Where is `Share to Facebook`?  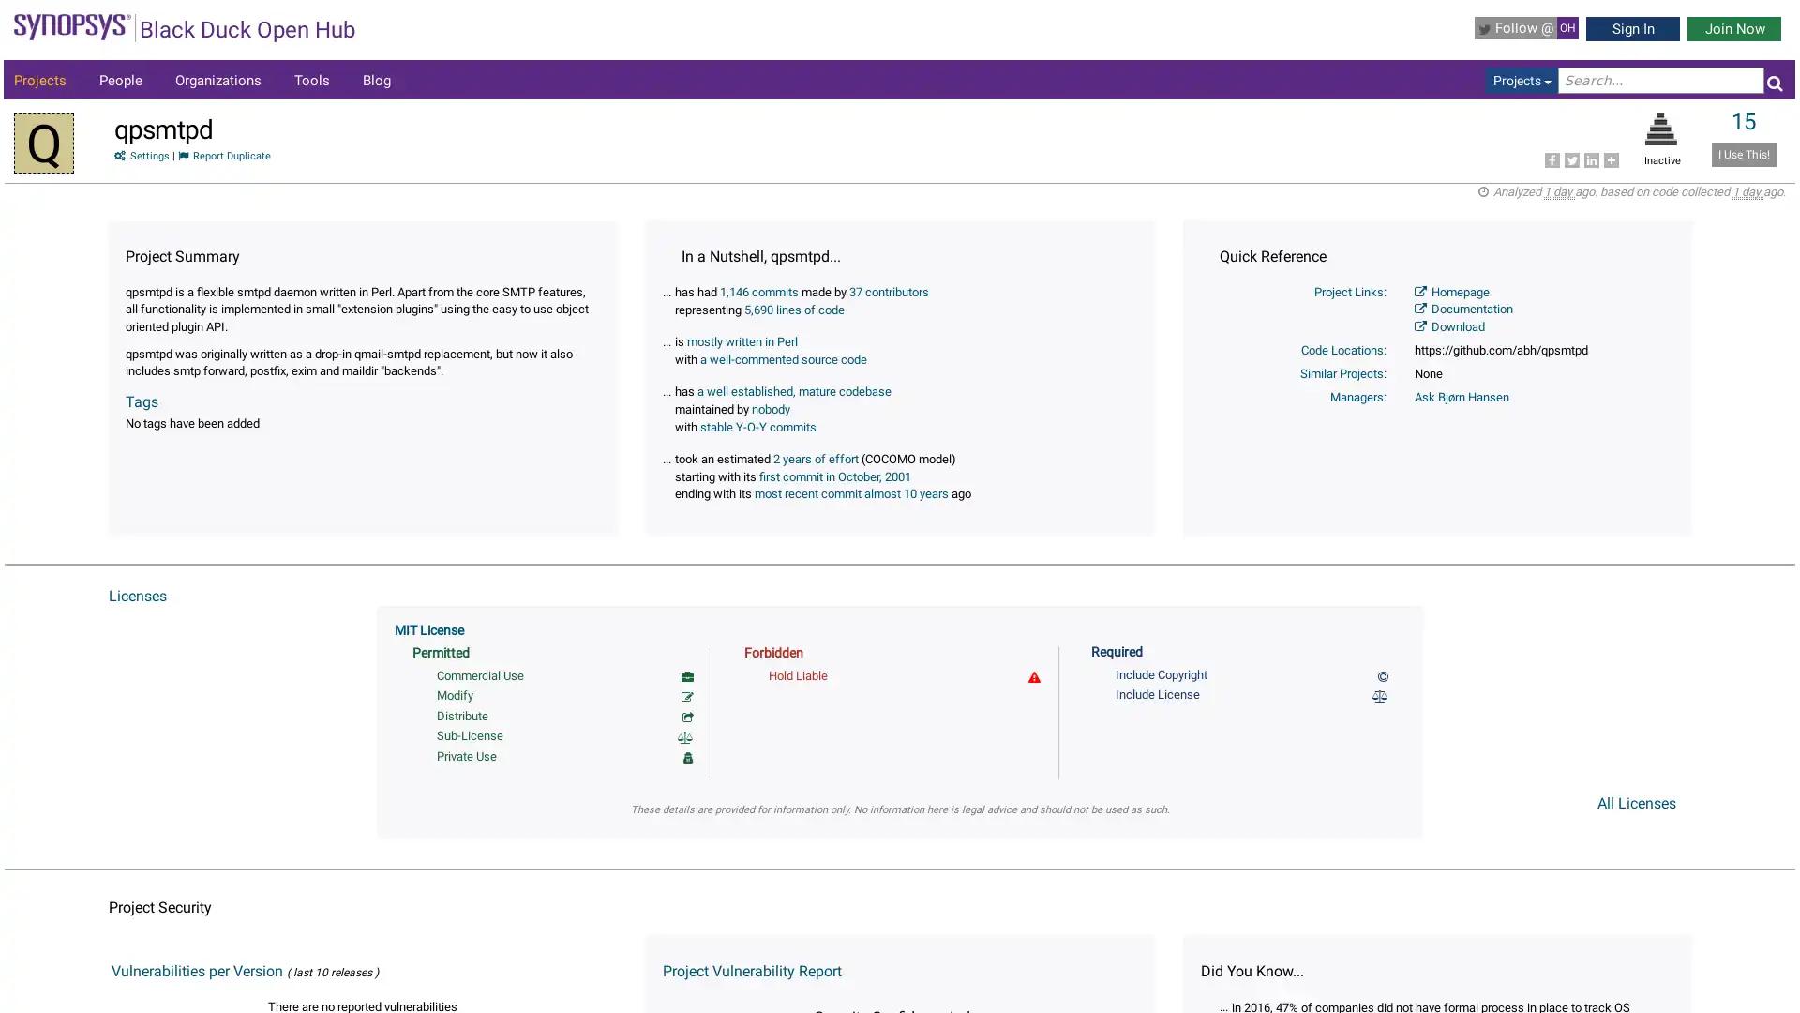
Share to Facebook is located at coordinates (1552, 159).